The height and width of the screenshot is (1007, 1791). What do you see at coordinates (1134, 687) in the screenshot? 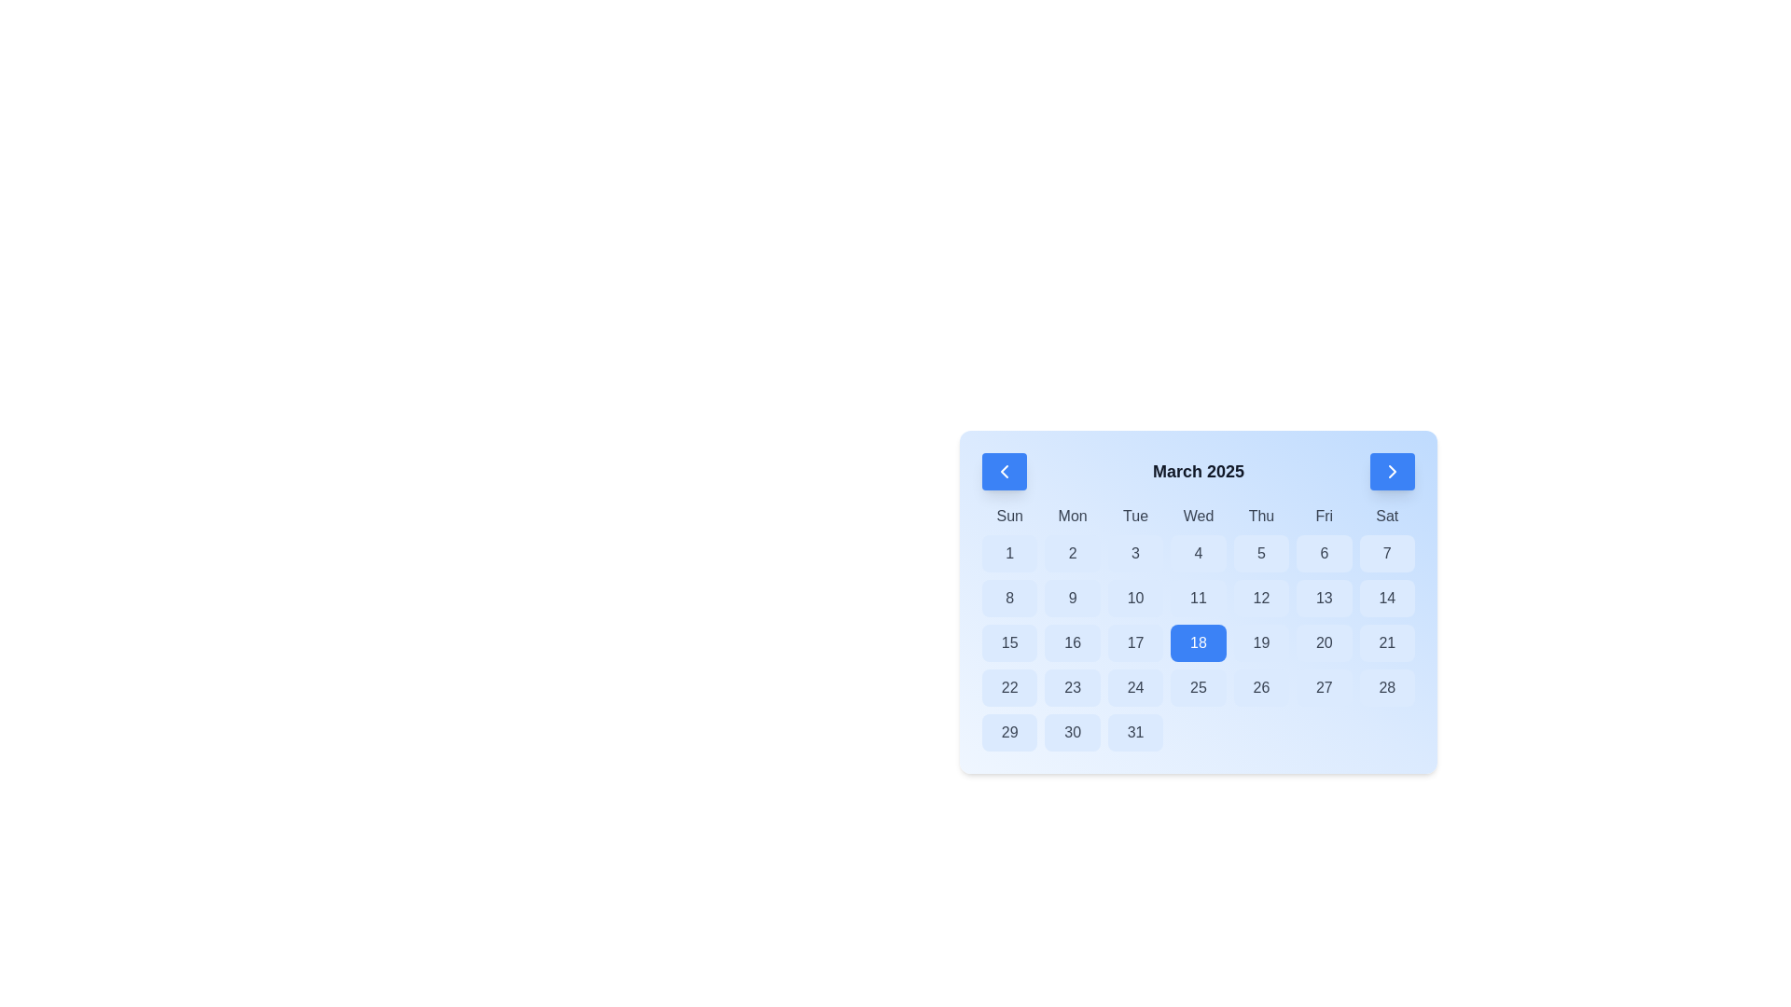
I see `the blue rectangular button labeled '24' in the calendar grid located under the 'Tue' label by` at bounding box center [1134, 687].